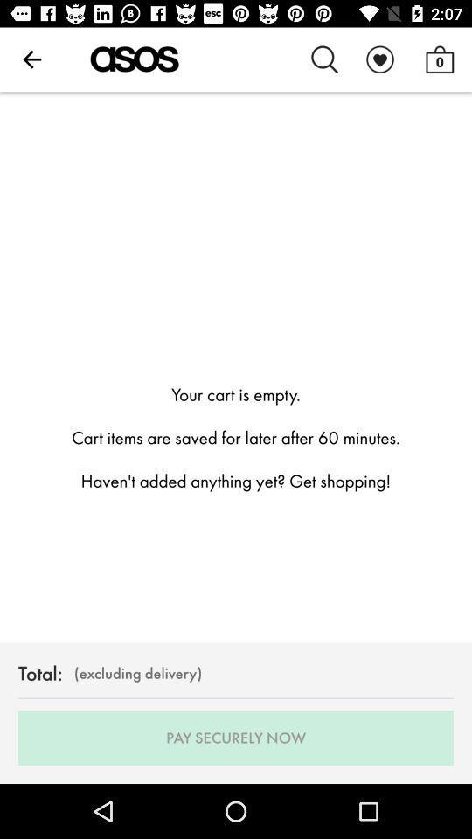 This screenshot has height=839, width=472. What do you see at coordinates (325, 59) in the screenshot?
I see `the item above the your cart is icon` at bounding box center [325, 59].